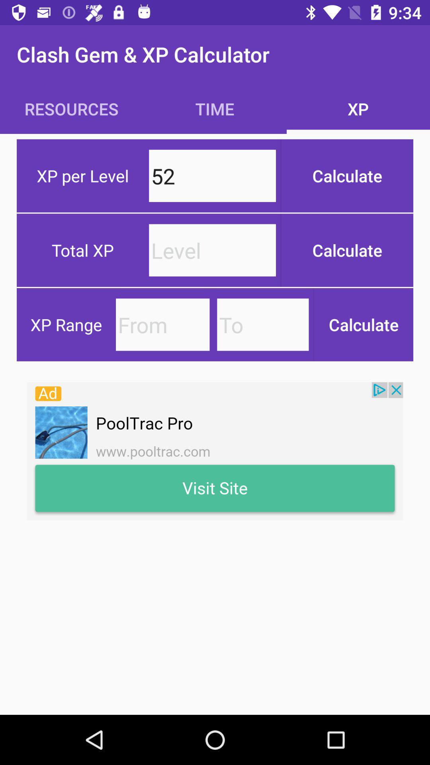 The image size is (430, 765). What do you see at coordinates (162, 324) in the screenshot?
I see `from xp` at bounding box center [162, 324].